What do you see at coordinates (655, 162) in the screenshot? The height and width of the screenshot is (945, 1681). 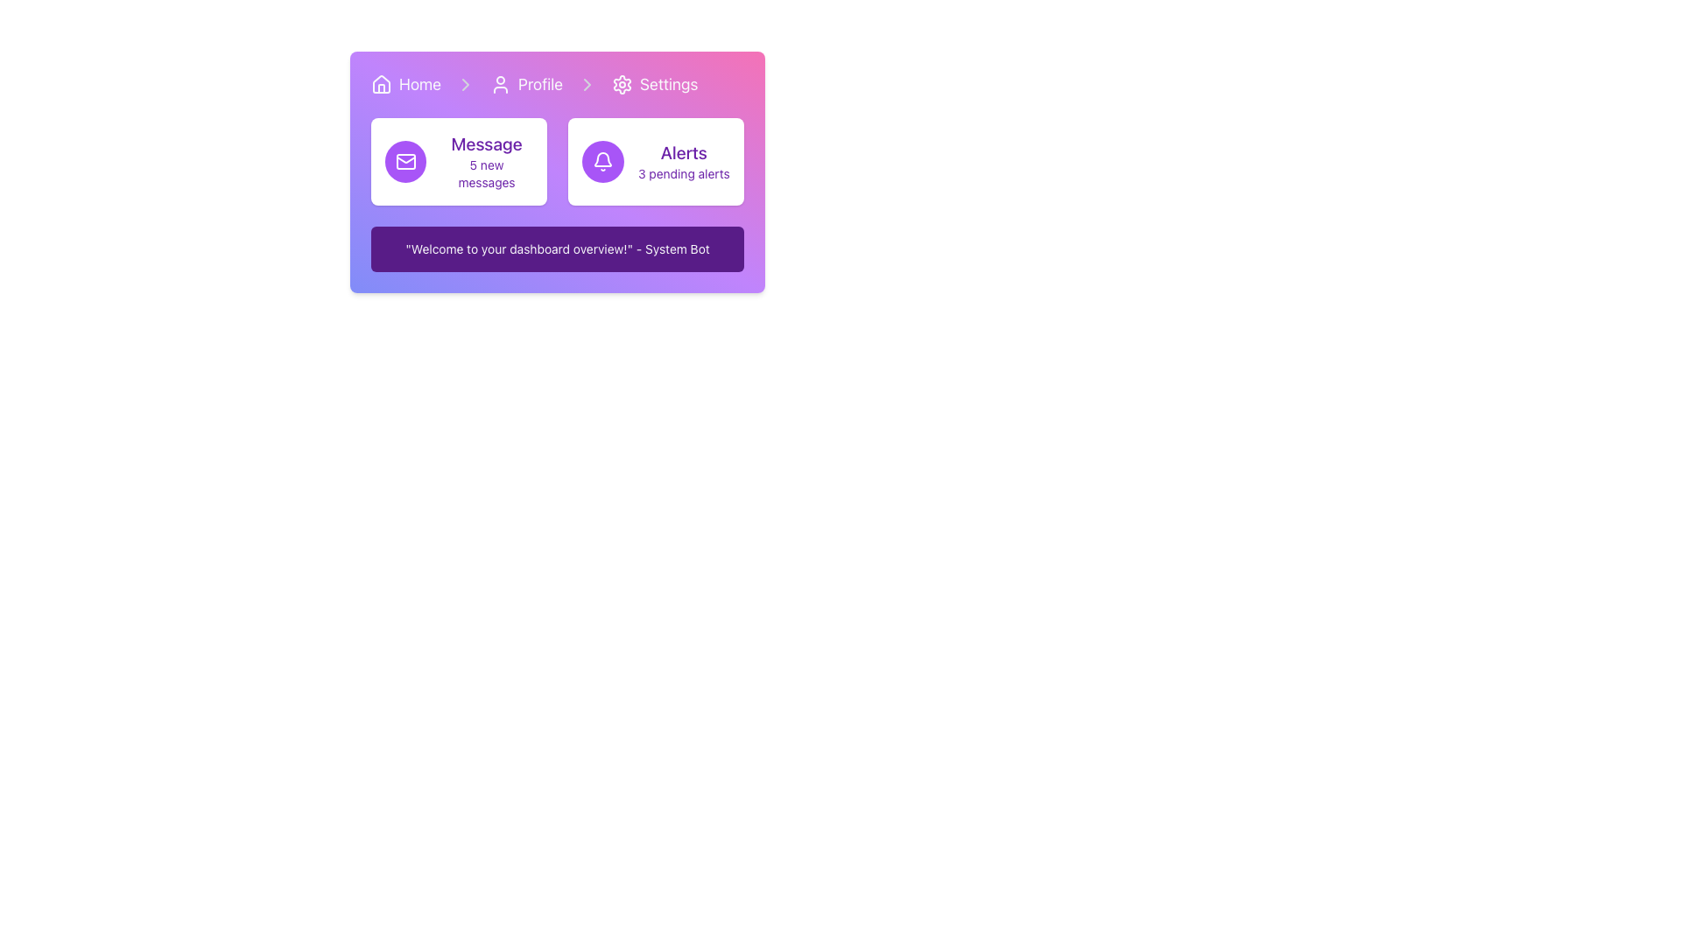 I see `the Notification Card located in the upper right part of the grid, which provides a summary of pending alerts and is adjacent to the 'Message 5 new messages' card` at bounding box center [655, 162].